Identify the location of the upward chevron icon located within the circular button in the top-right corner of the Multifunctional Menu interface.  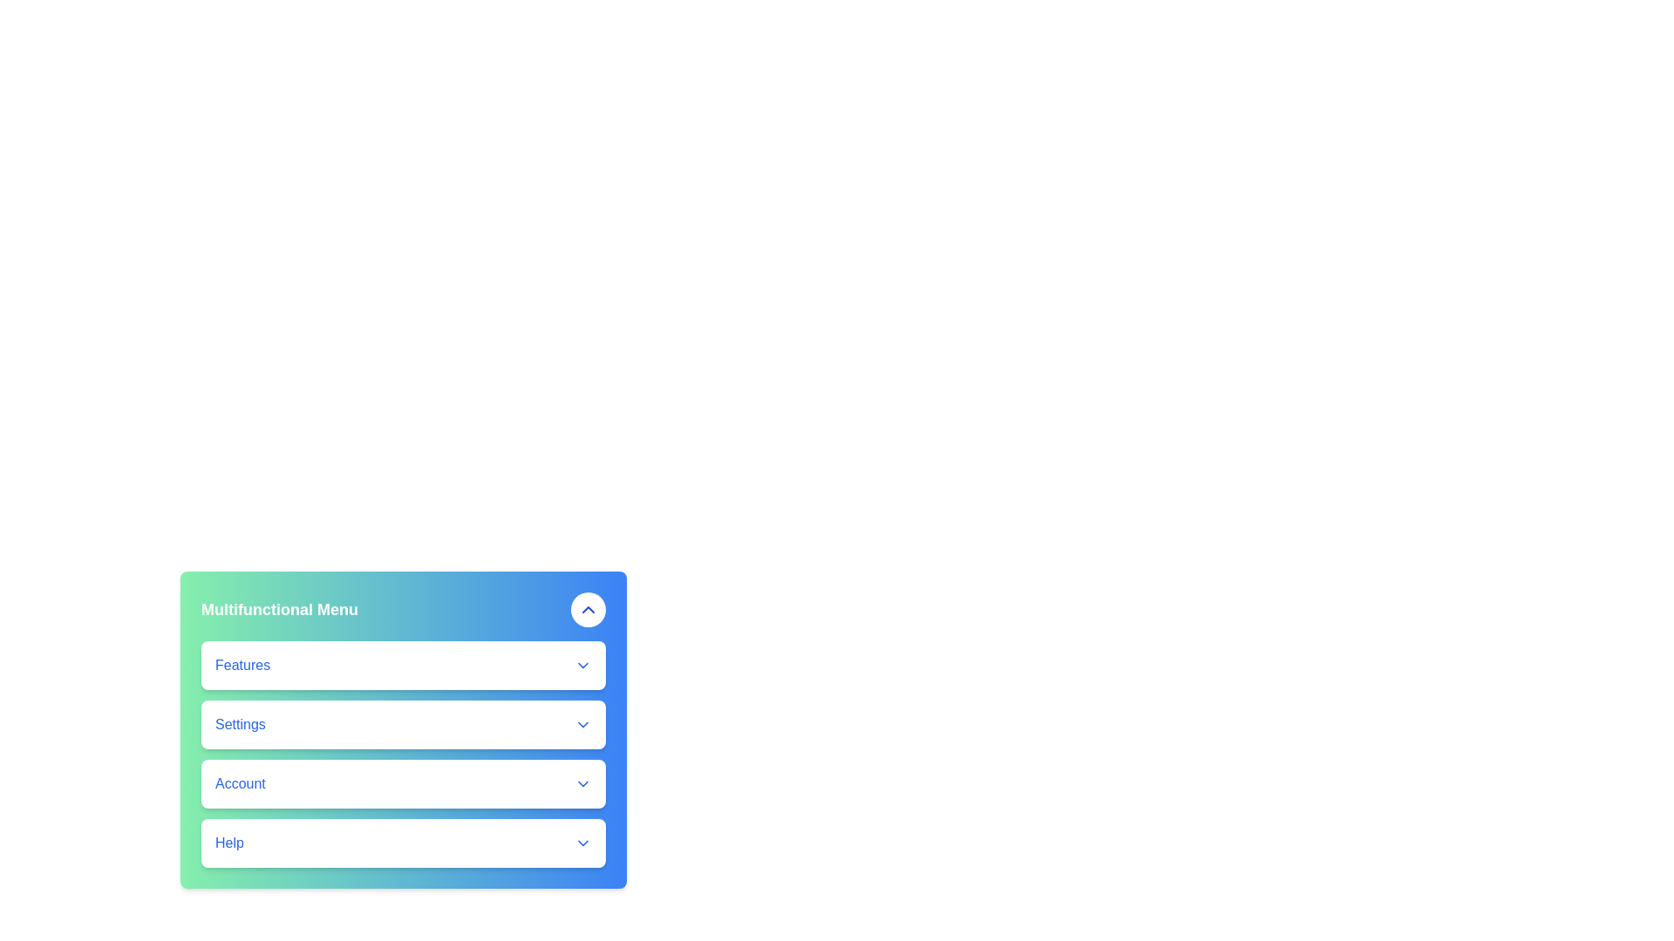
(589, 608).